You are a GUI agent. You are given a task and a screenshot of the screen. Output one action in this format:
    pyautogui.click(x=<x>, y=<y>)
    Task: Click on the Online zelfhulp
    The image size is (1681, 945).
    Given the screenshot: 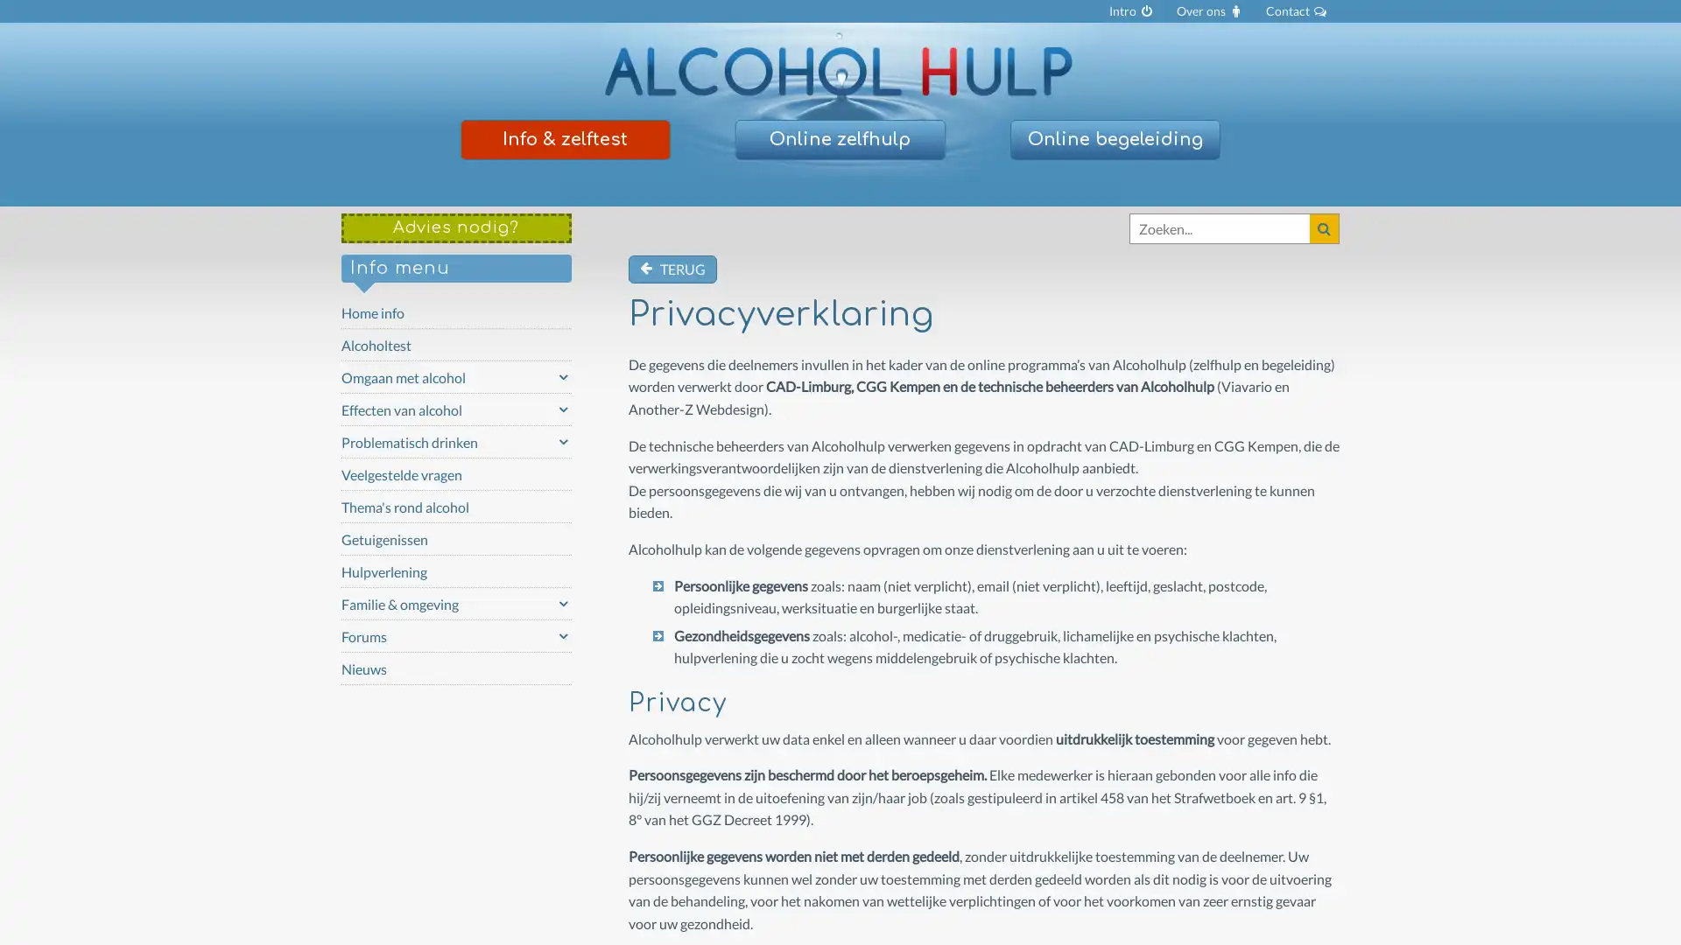 What is the action you would take?
    pyautogui.click(x=839, y=138)
    